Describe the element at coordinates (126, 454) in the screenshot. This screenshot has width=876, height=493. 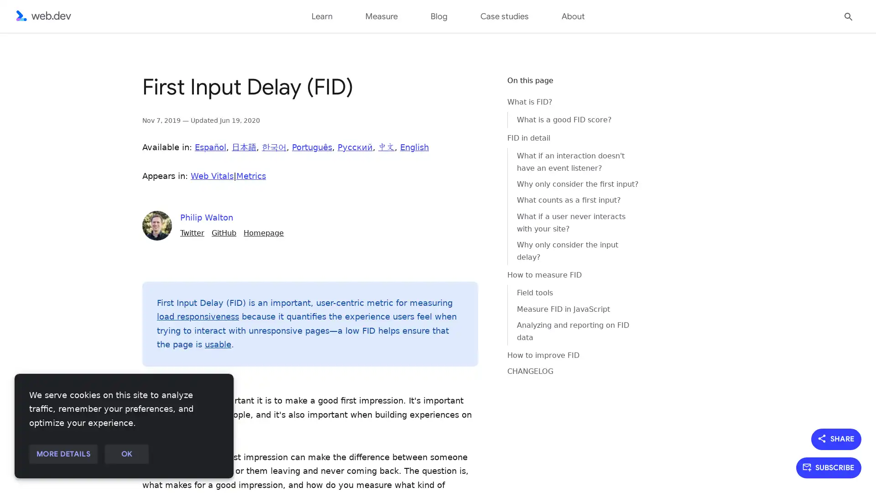
I see `OK` at that location.